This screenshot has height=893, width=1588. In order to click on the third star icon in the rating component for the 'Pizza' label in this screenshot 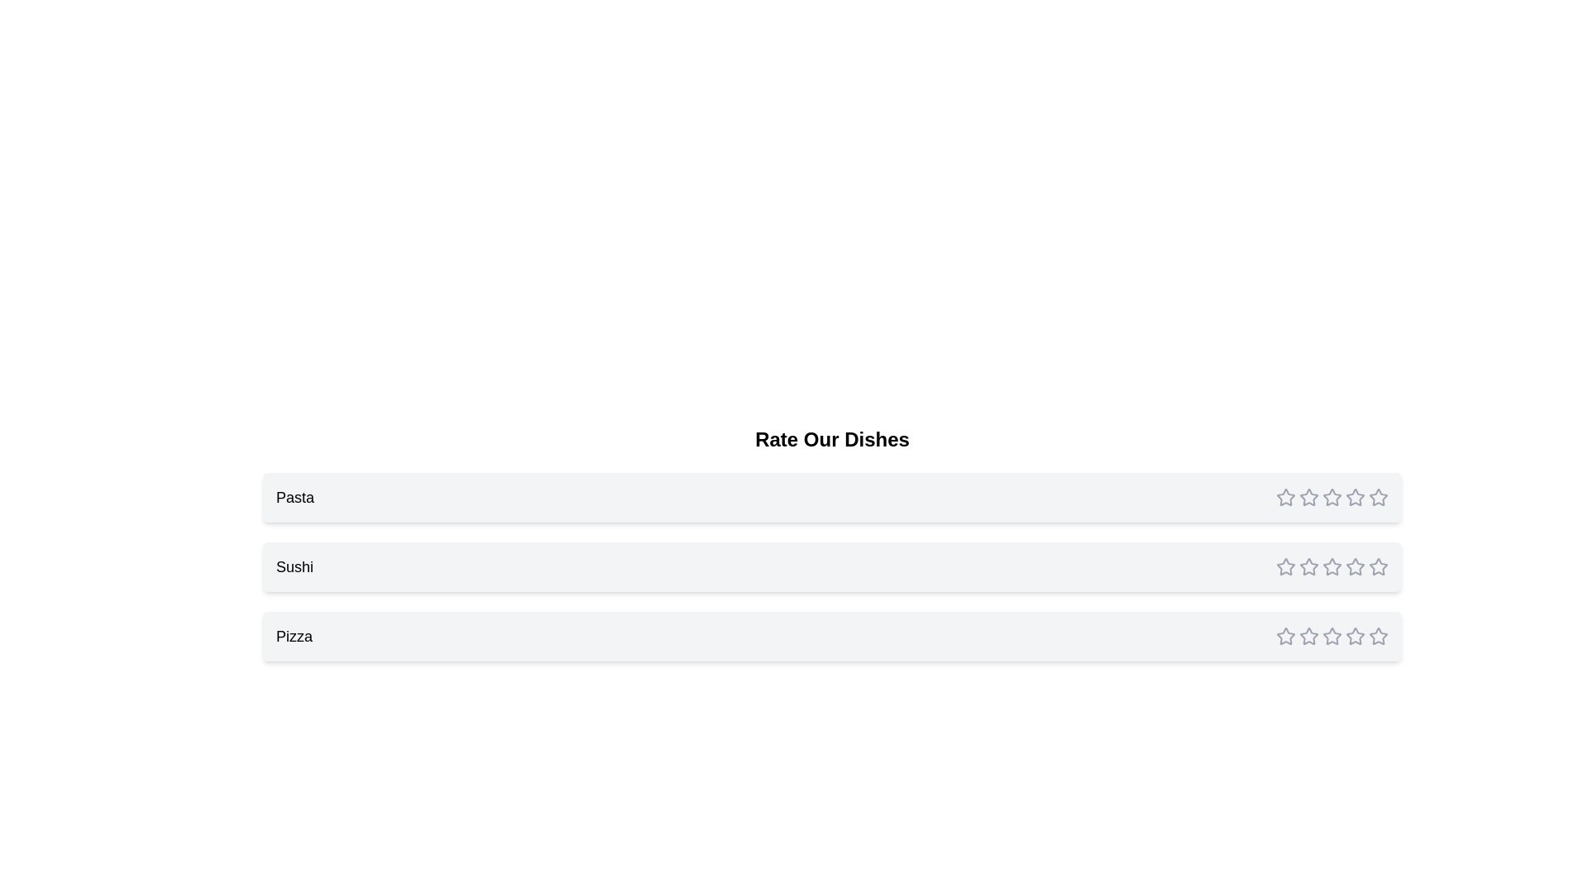, I will do `click(1332, 636)`.